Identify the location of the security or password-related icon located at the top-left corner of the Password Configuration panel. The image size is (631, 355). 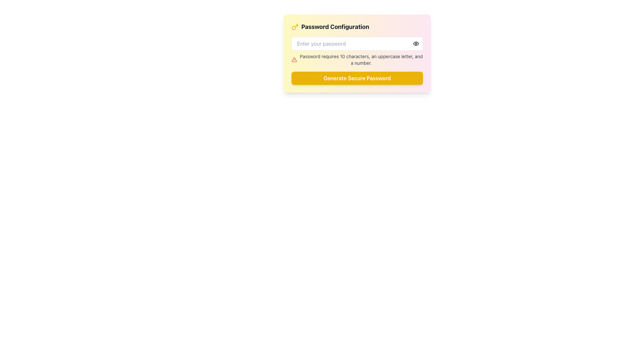
(294, 26).